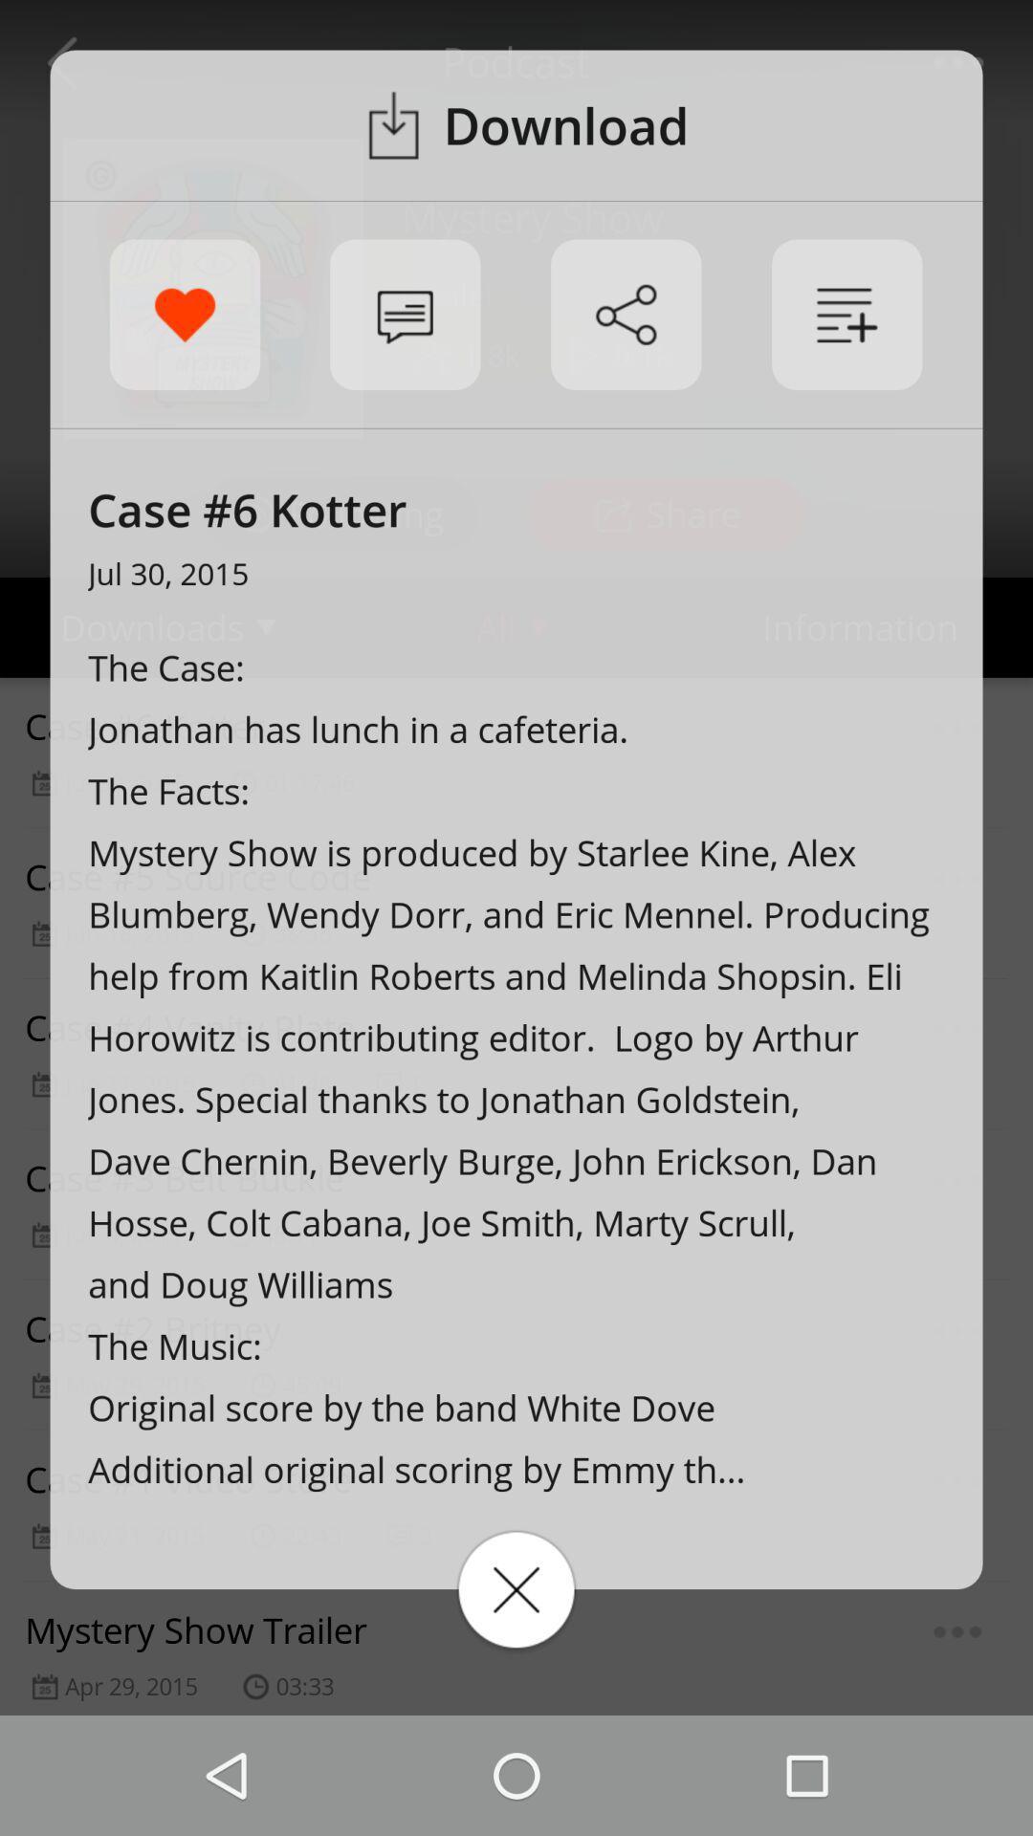  I want to click on text box, so click(516, 1589).